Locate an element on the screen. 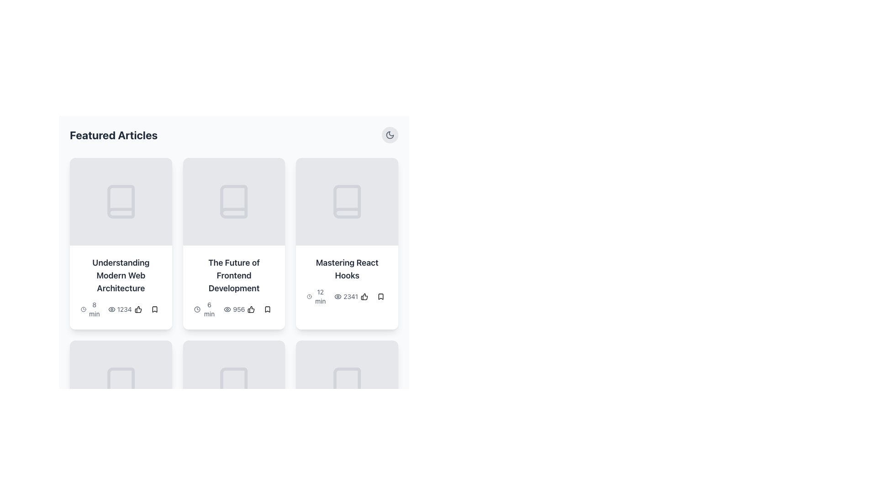 The width and height of the screenshot is (877, 493). the bookmark icon located in the bottom-right corner of the 'Understanding Modern Web Architecture' article card is located at coordinates (154, 309).